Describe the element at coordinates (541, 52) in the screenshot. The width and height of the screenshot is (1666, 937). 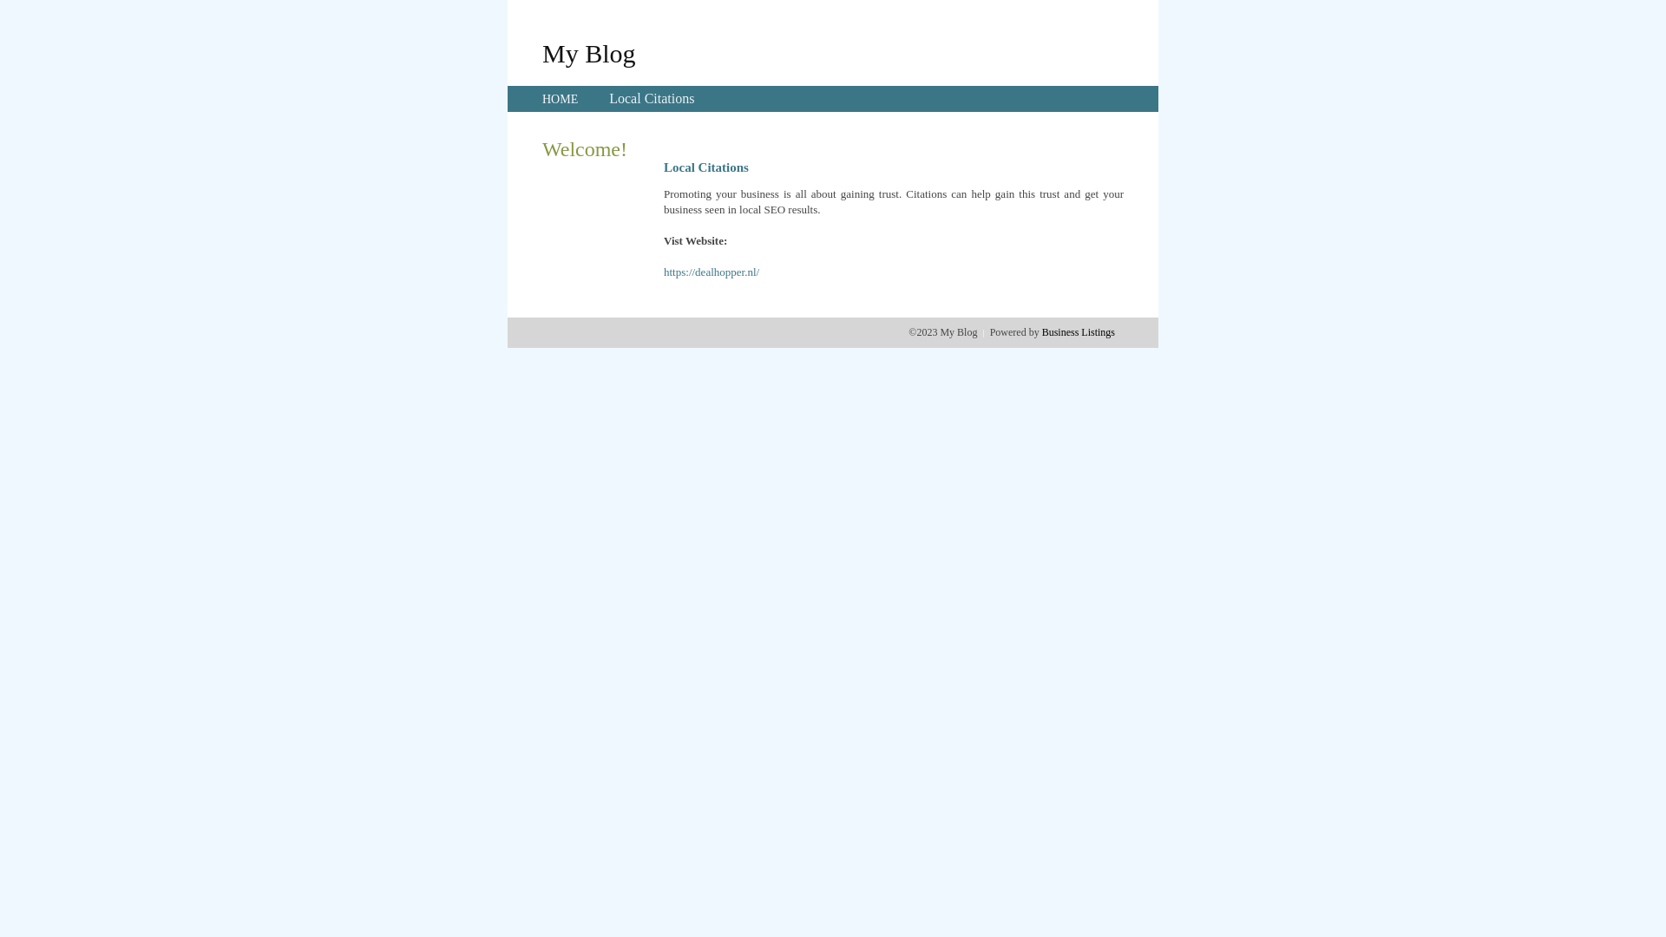
I see `'My Blog'` at that location.